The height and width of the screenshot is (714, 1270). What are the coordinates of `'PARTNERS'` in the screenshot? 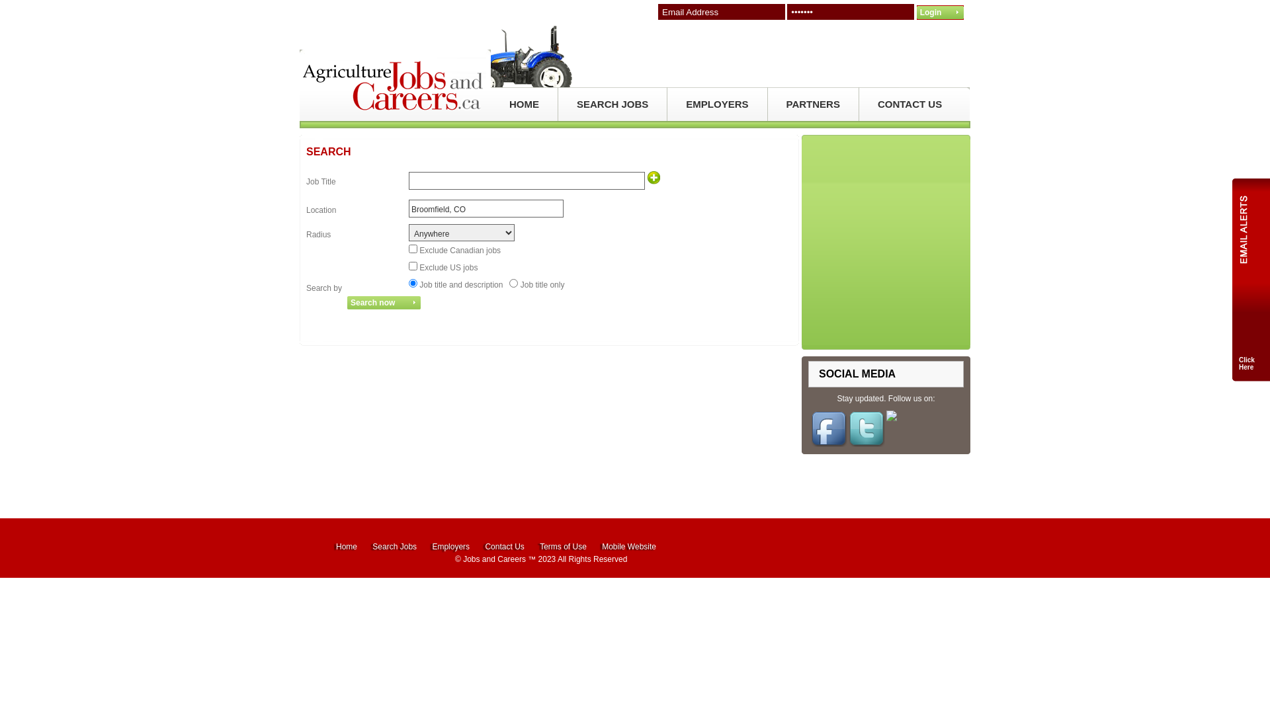 It's located at (812, 103).